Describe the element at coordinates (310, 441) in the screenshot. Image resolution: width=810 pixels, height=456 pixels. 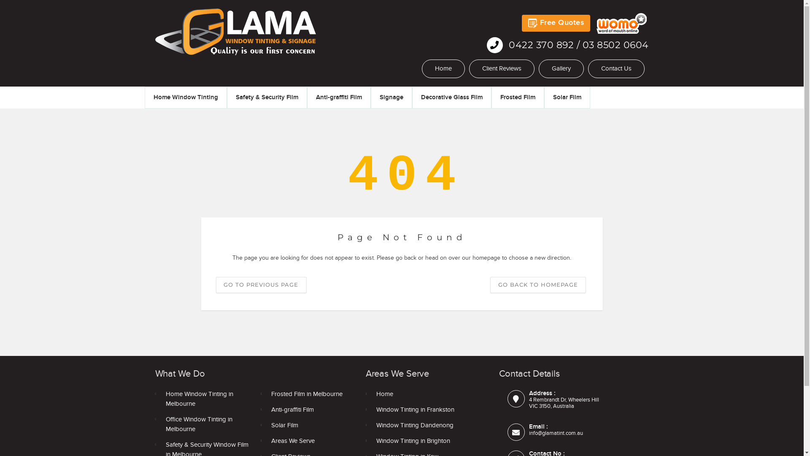
I see `'Areas We Serve'` at that location.